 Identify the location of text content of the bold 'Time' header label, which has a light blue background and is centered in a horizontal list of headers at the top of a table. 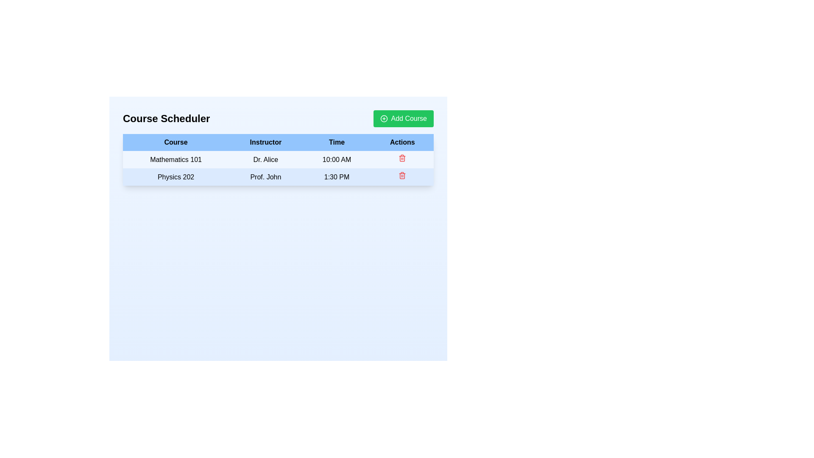
(336, 142).